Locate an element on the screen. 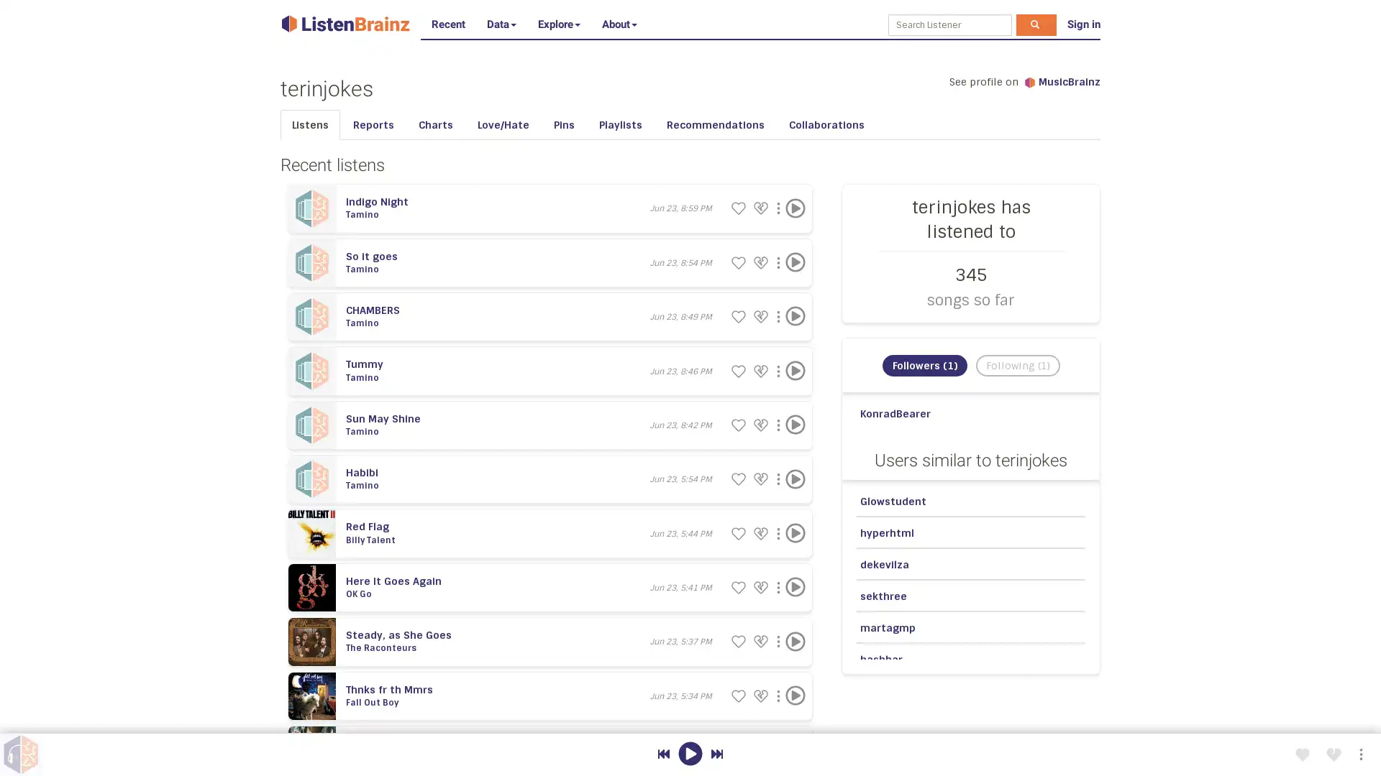 Image resolution: width=1381 pixels, height=776 pixels. Play is located at coordinates (794, 370).